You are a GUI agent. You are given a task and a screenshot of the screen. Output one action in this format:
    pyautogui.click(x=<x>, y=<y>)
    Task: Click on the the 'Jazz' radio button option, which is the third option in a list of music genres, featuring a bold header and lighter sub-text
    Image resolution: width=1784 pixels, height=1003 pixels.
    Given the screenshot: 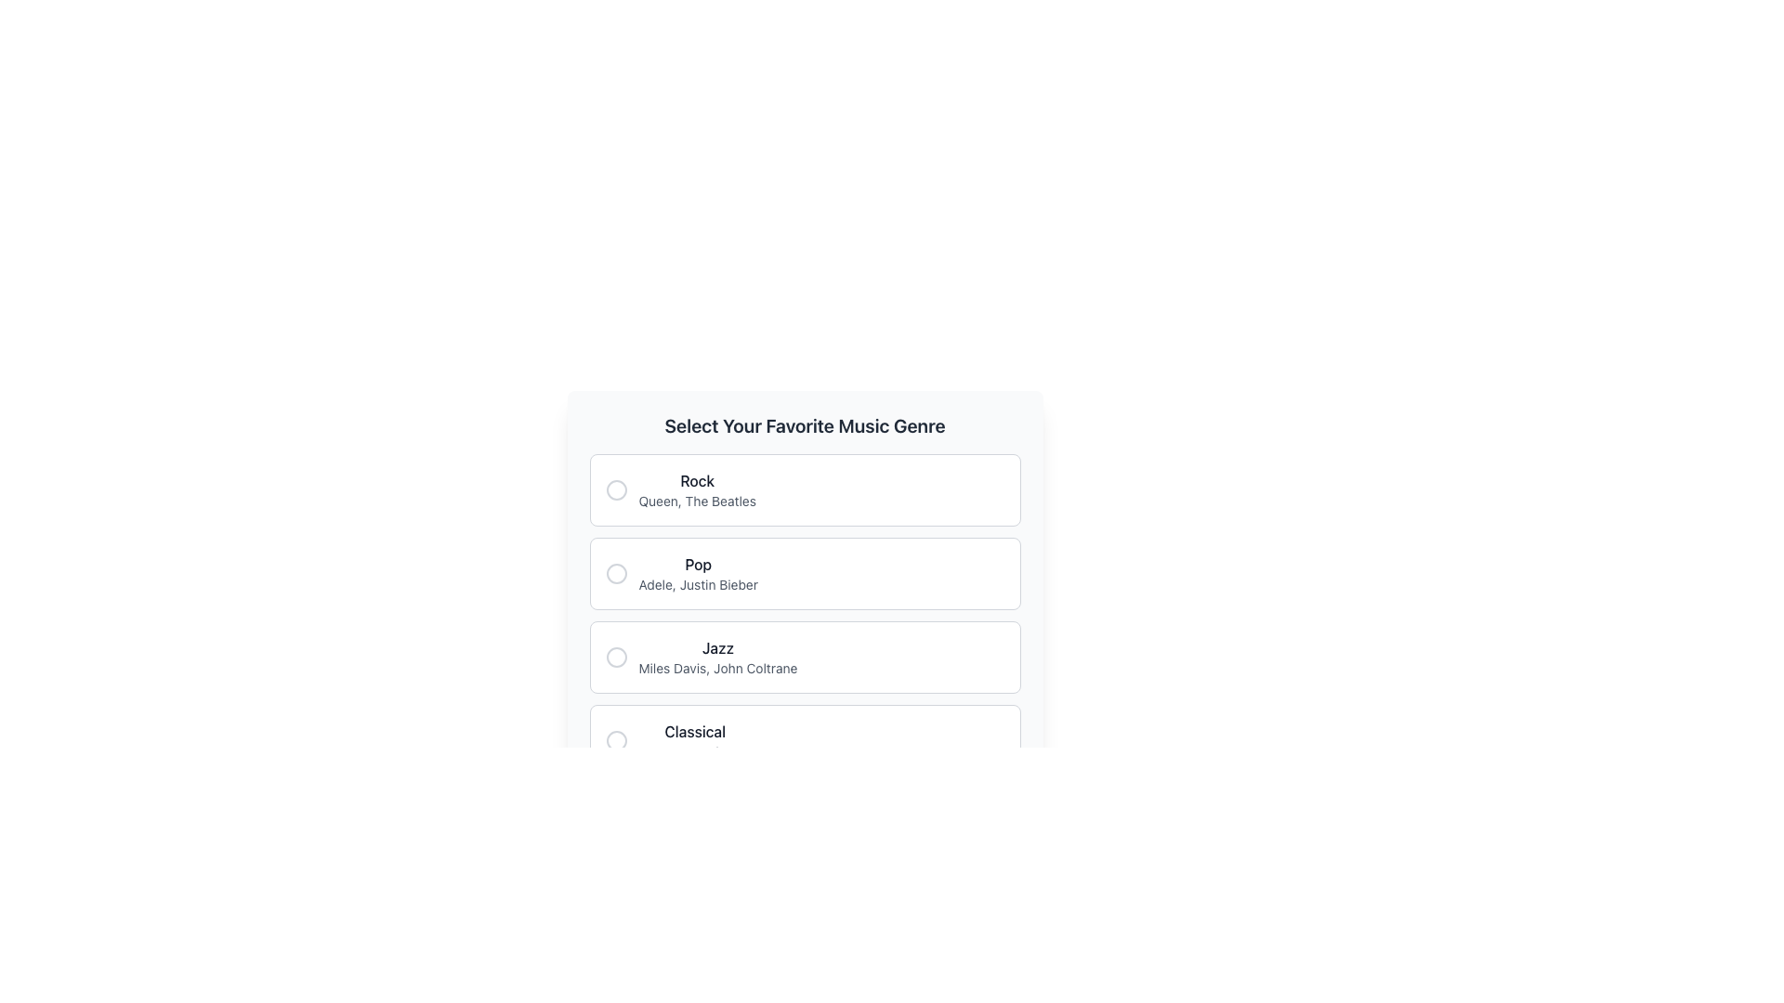 What is the action you would take?
    pyautogui.click(x=716, y=657)
    